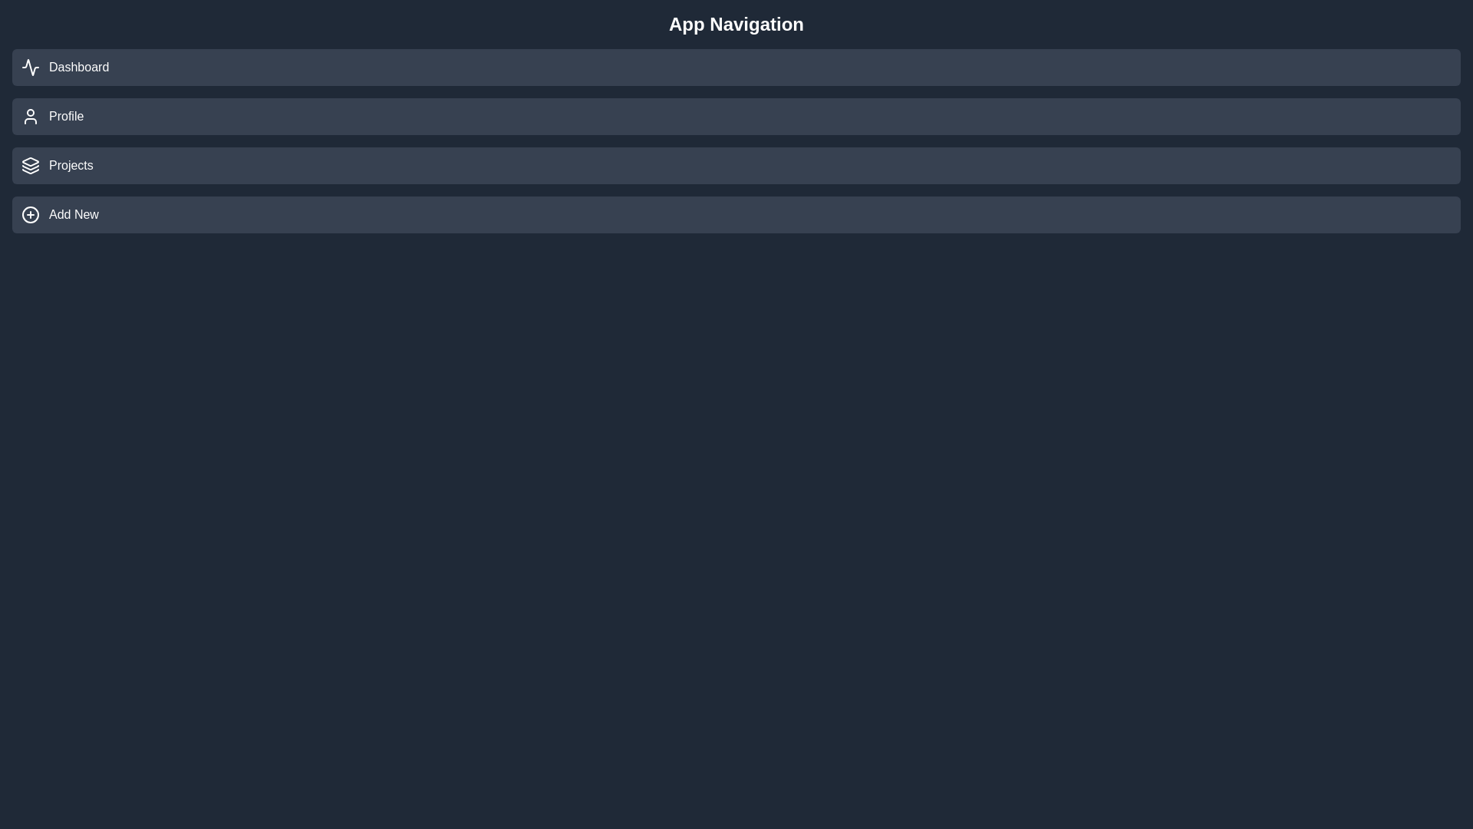 This screenshot has width=1473, height=829. I want to click on the circular Icon Button with a plus sign located at the leftmost position of the 'Add New' navigation menu, so click(30, 215).